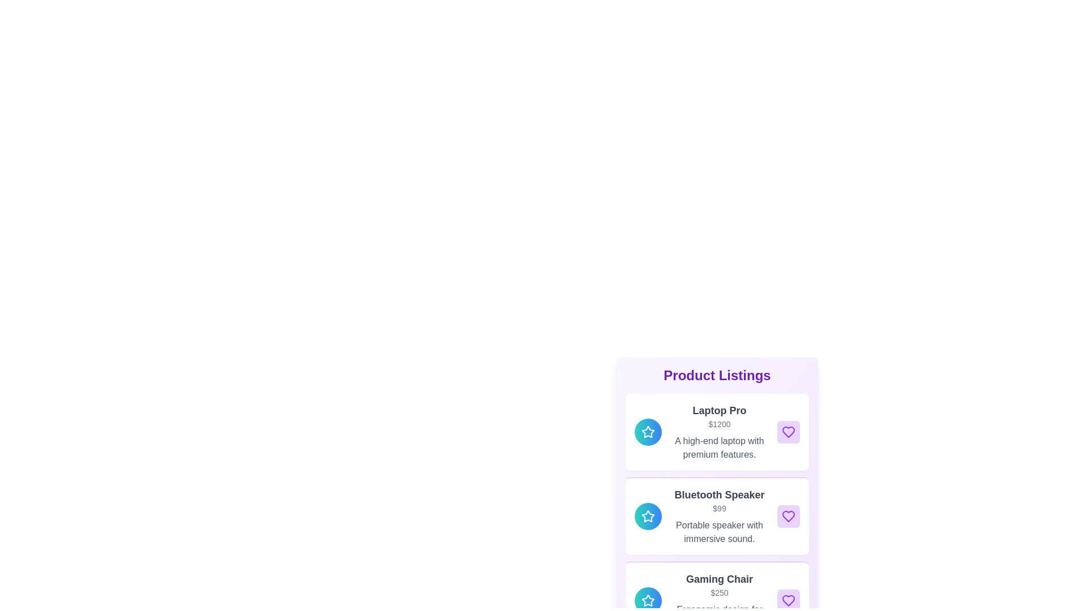  Describe the element at coordinates (648, 517) in the screenshot. I see `the product icon for Bluetooth Speaker` at that location.